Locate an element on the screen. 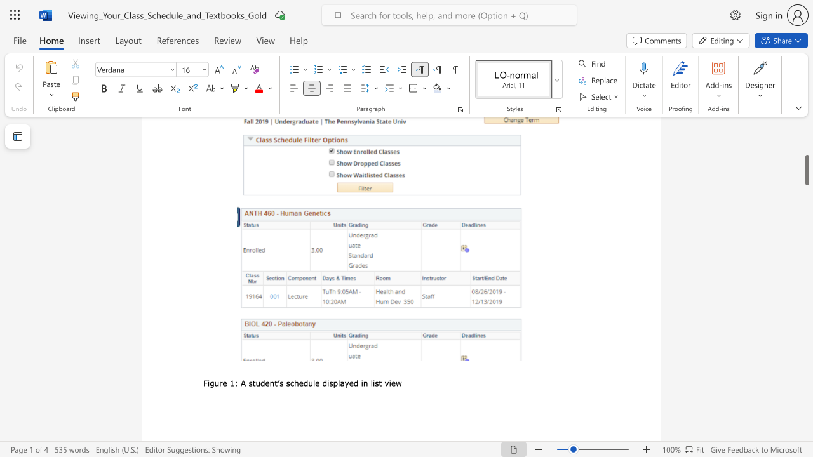 The height and width of the screenshot is (457, 813). the scrollbar and move up 430 pixels is located at coordinates (806, 169).